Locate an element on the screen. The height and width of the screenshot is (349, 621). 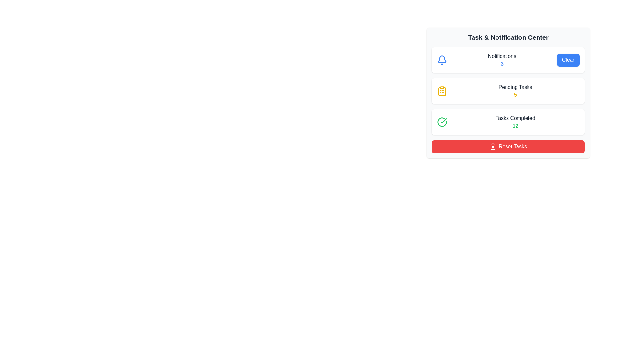
the 'Notifications' text display element that shows a count of '3' in bold blue, located in the 'Task & Notification Center' section is located at coordinates (502, 60).